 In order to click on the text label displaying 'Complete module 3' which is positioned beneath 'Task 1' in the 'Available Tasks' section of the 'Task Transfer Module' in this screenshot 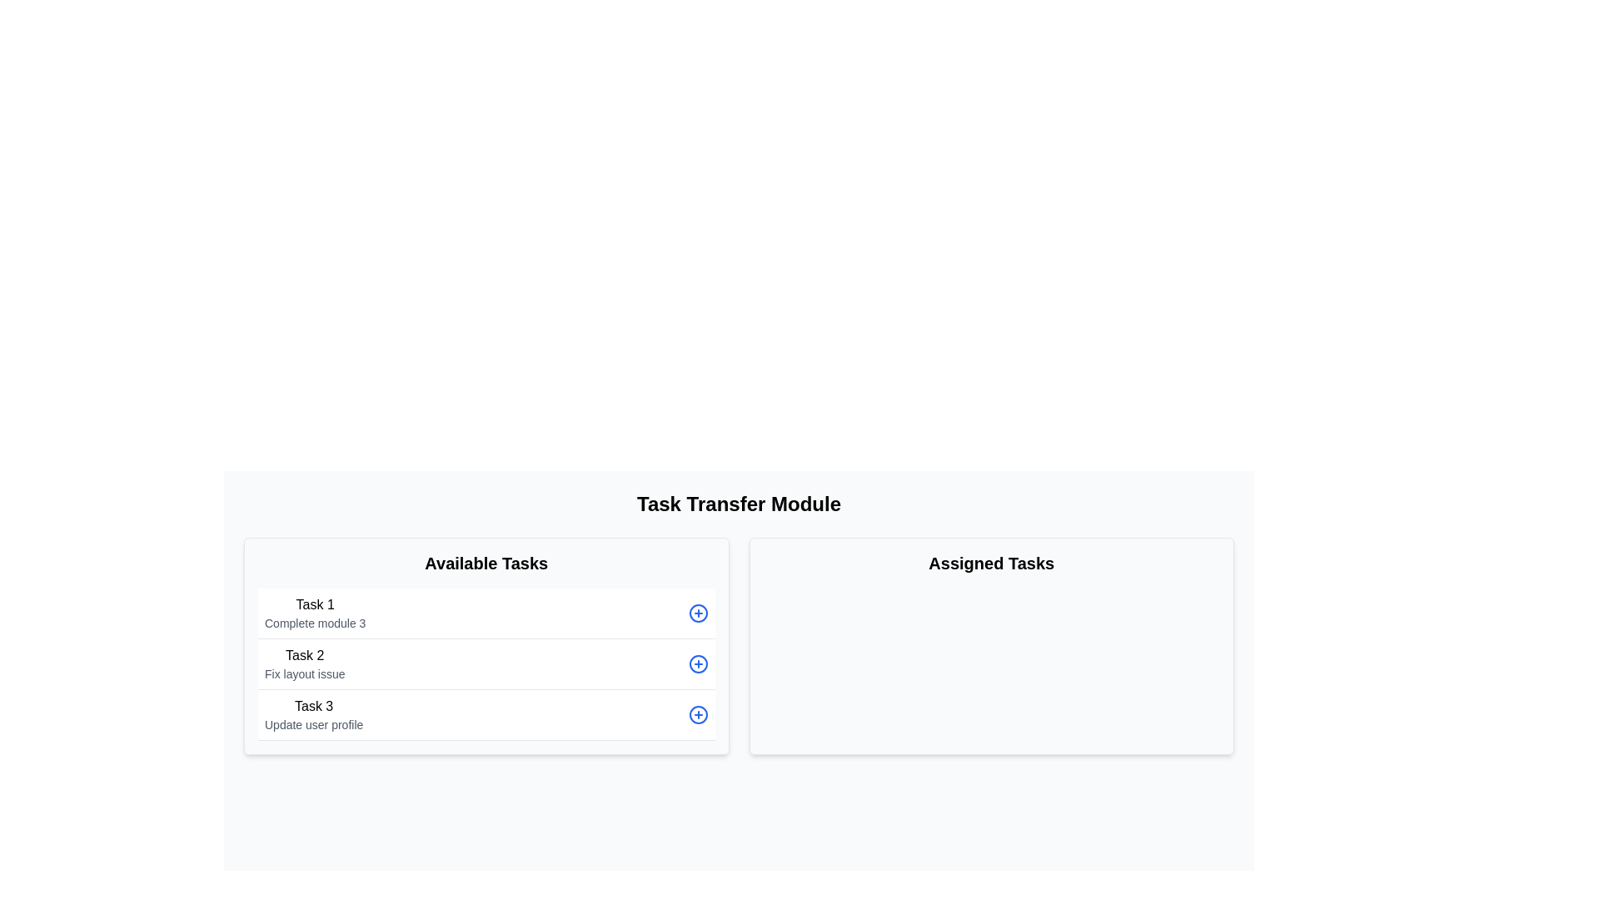, I will do `click(315, 623)`.